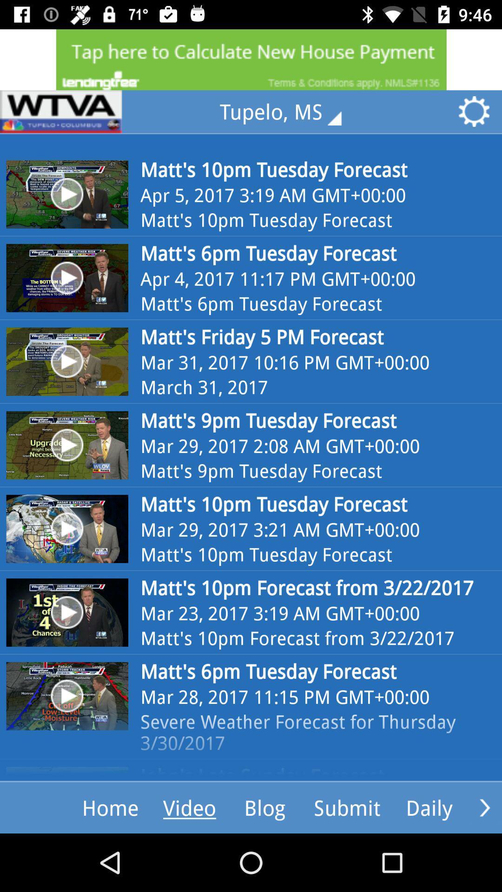 The image size is (502, 892). Describe the element at coordinates (287, 111) in the screenshot. I see `the tupelo, ms icon` at that location.